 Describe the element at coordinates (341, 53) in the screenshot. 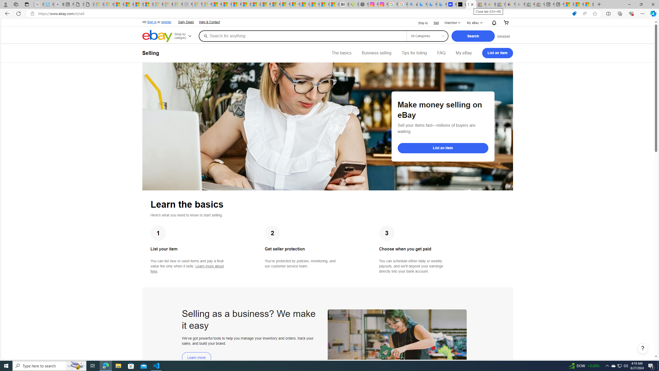

I see `'The basics'` at that location.